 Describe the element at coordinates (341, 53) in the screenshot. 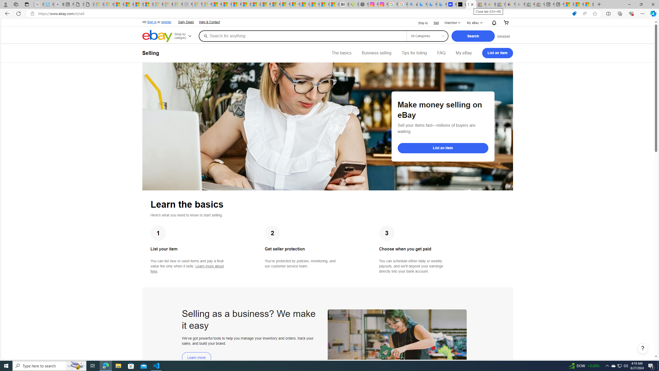

I see `'The basics'` at that location.